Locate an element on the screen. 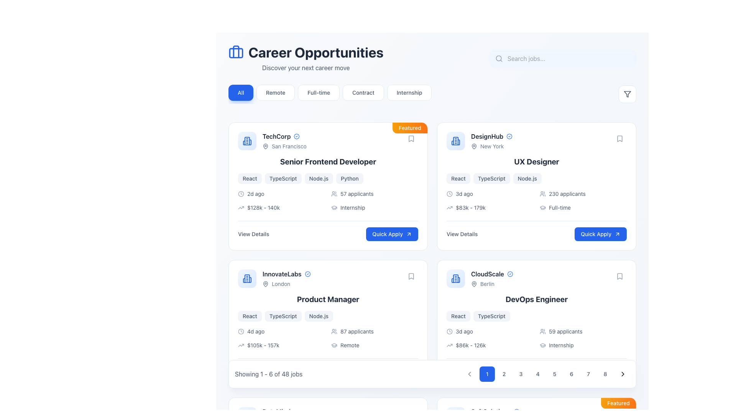 This screenshot has width=736, height=414. the header element representing 'InnovateLabs' with location detail 'London' in the 'Product Manager' card on the 'Career Opportunities' page is located at coordinates (274, 278).